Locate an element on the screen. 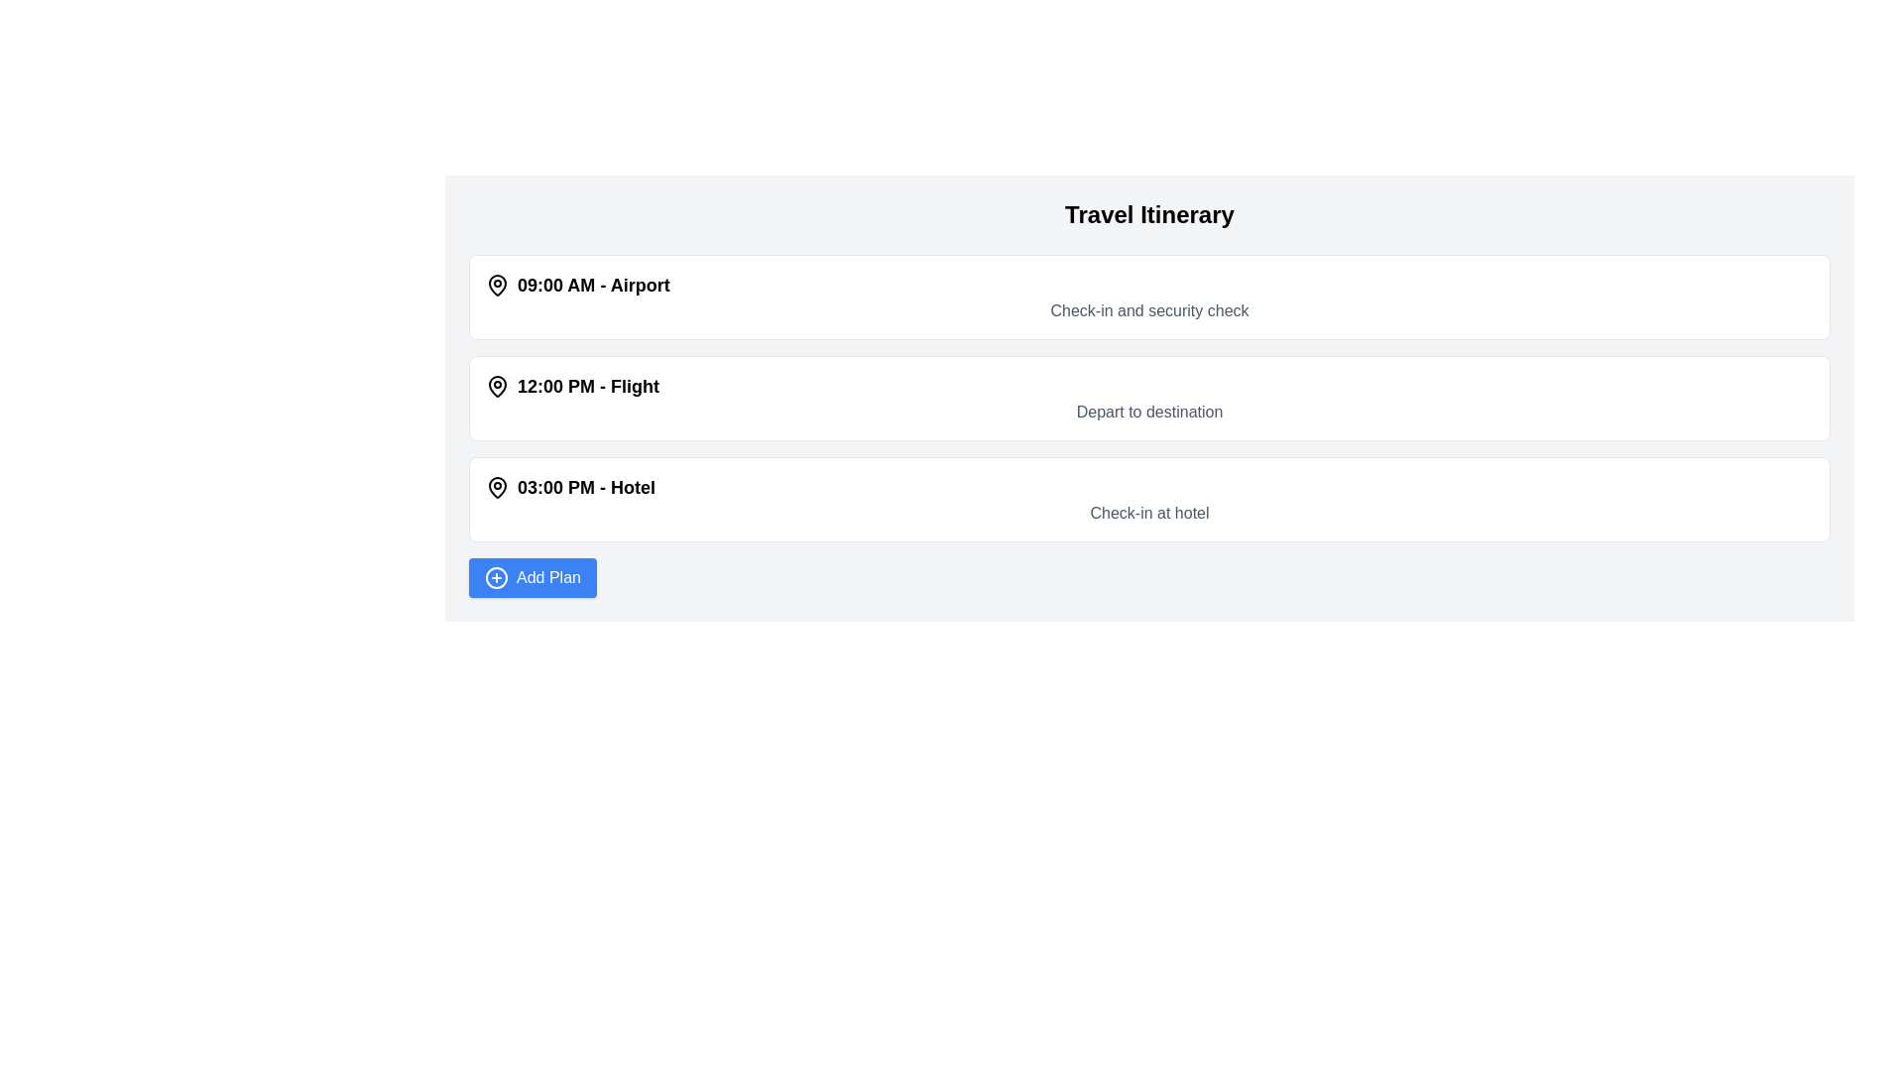  the button located at the bottom of the itinerary list is located at coordinates (533, 577).